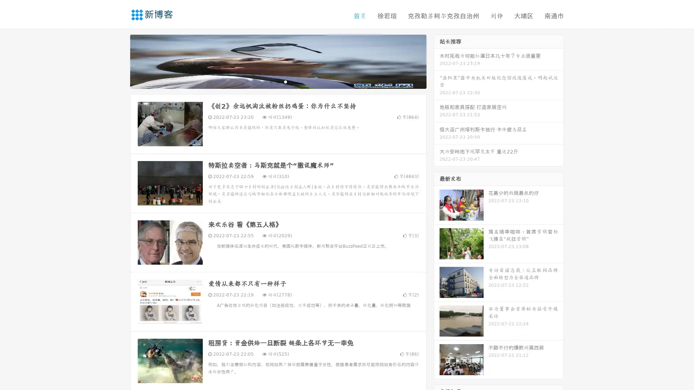 The image size is (694, 390). Describe the element at coordinates (270, 81) in the screenshot. I see `Go to slide 1` at that location.